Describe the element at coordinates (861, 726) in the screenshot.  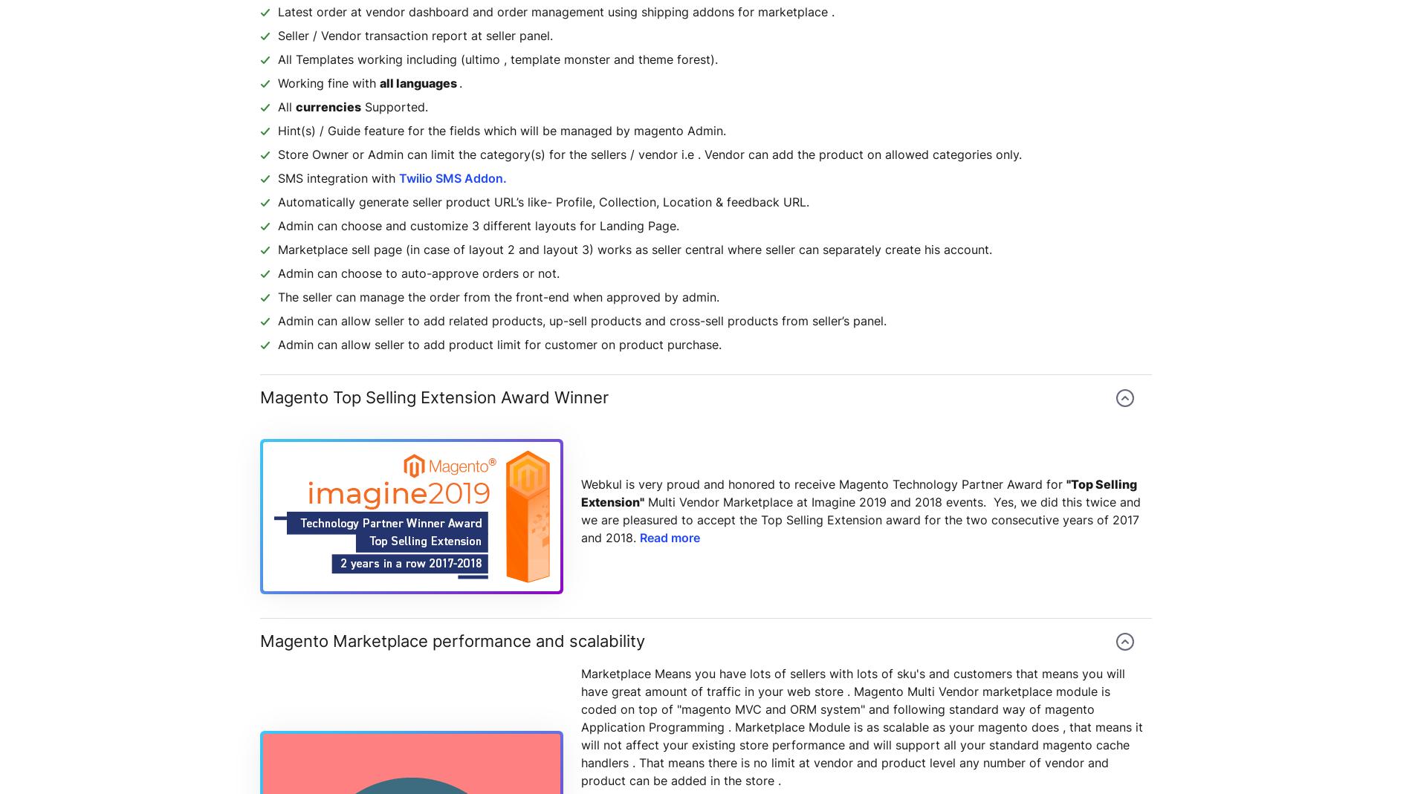
I see `'Marketplace Means you have lots of sellers with lots of sku's and customers that means you will have great amount of traffic in your web store . Magento Multi Vendor marketplace module is coded on top of "magento MVC and ORM system" and following standard way of magento Application Programming . Marketplace Module is as scalable as your magento does , that means it will not affect your existing store performance and will support all your standard magento cache handlers . That means there is no limit at vendor and product level any number of vendor and product can be added in the store .'` at that location.